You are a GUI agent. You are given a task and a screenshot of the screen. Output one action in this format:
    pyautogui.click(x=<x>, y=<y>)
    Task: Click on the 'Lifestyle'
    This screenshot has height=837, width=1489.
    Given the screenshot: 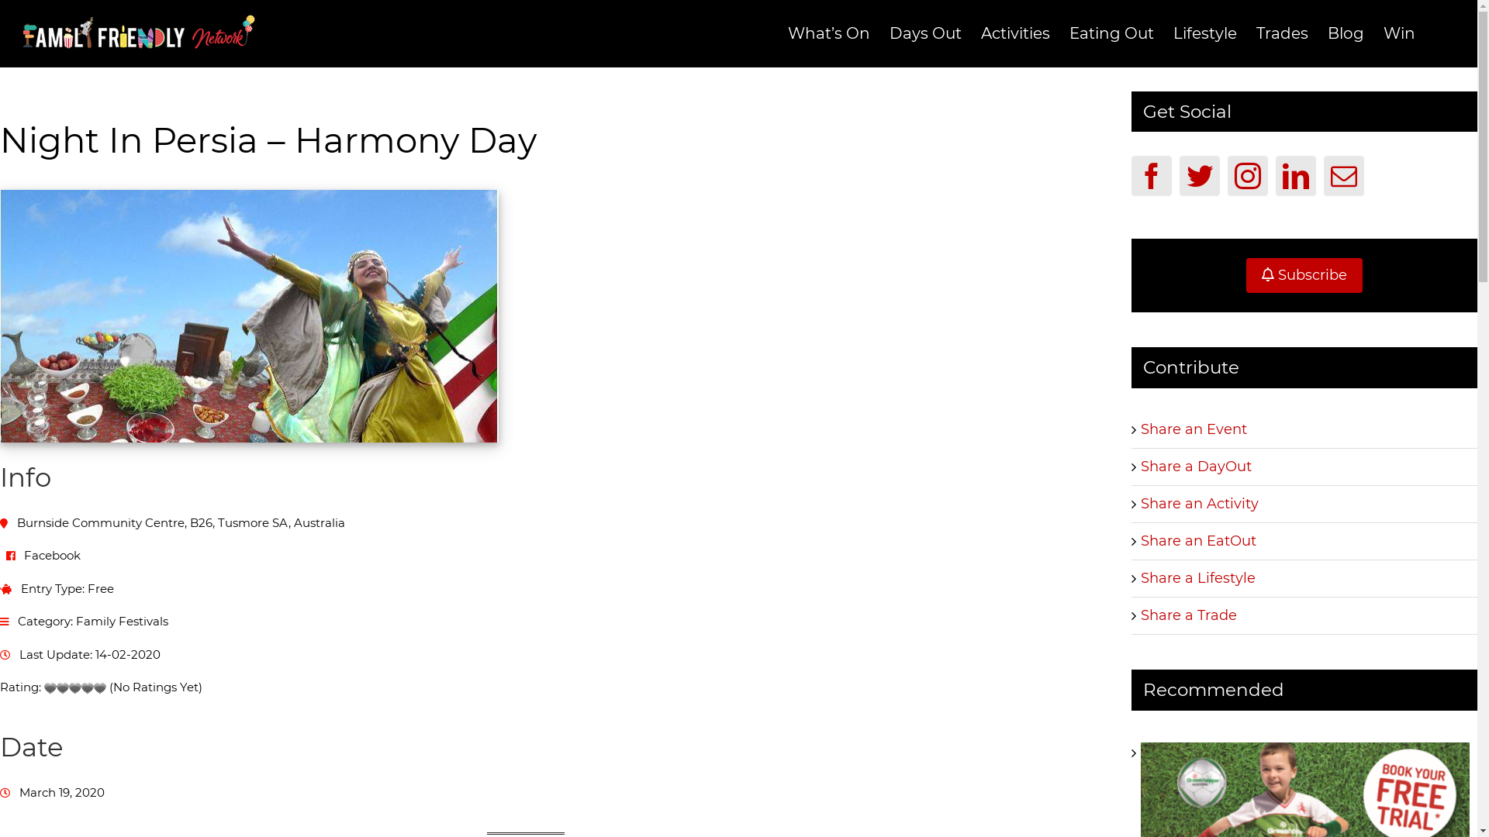 What is the action you would take?
    pyautogui.click(x=1204, y=33)
    